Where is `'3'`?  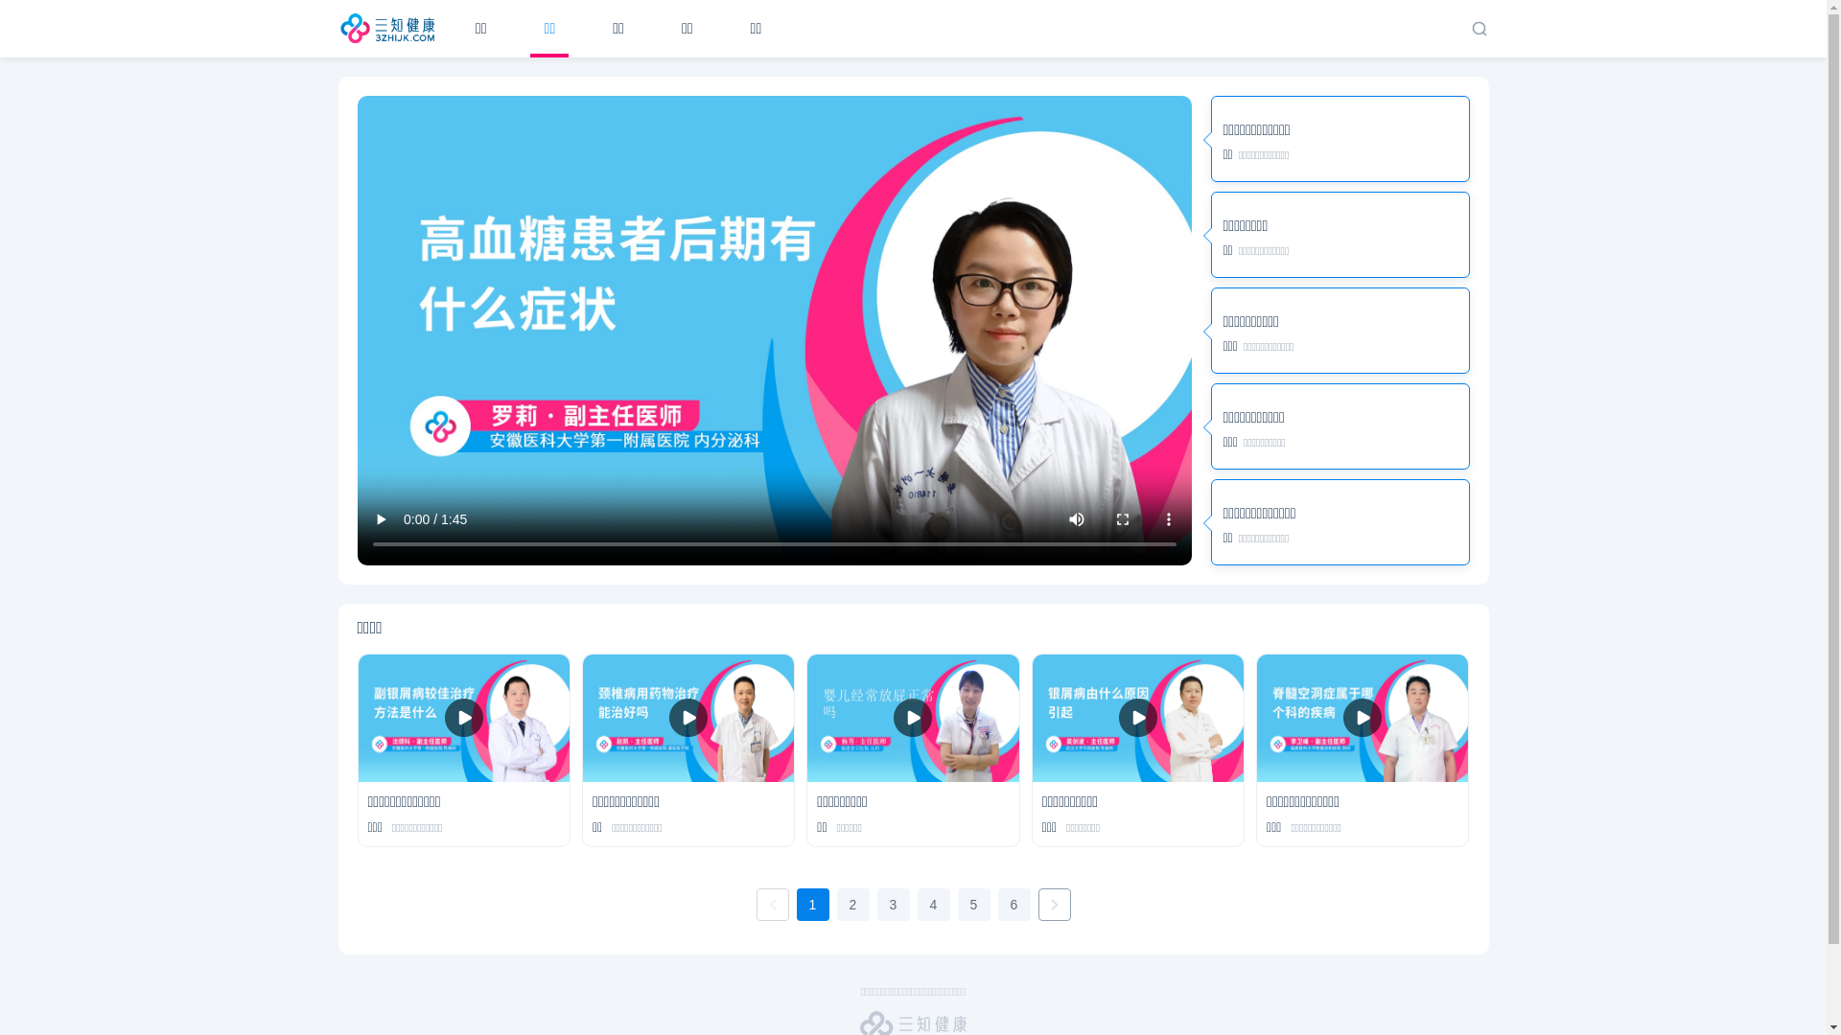
'3' is located at coordinates (874, 905).